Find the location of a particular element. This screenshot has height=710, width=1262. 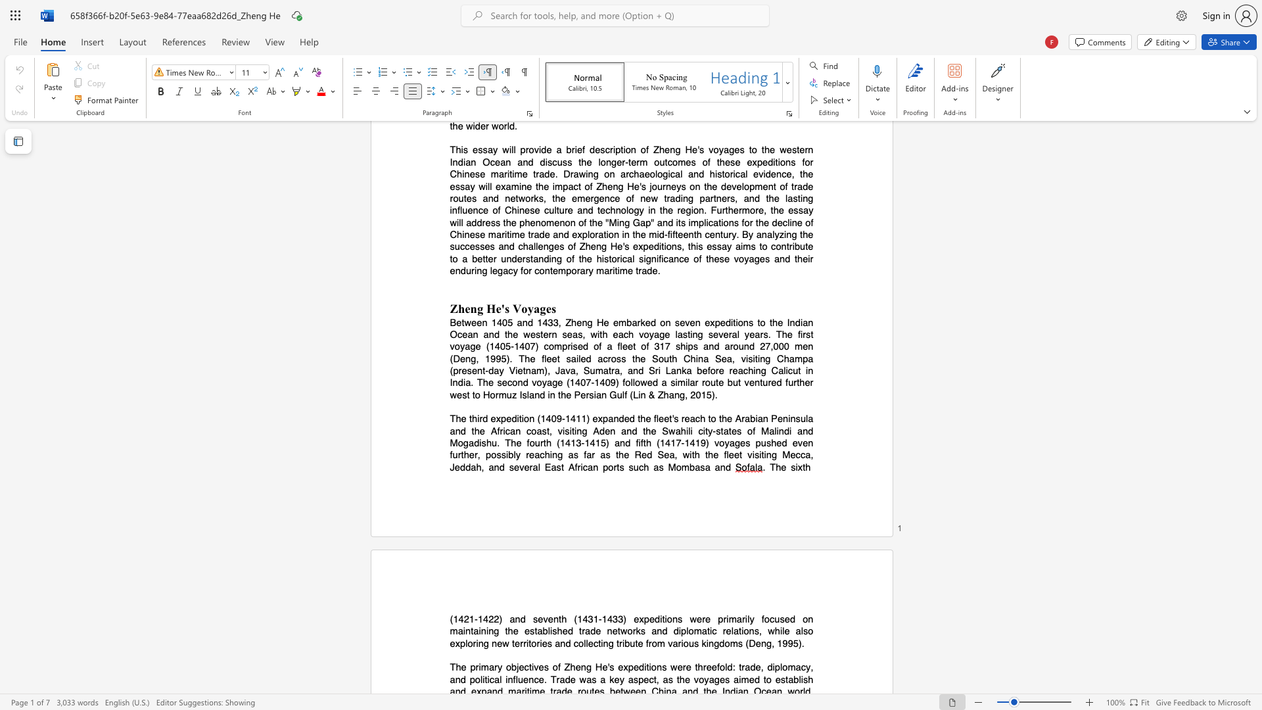

the space between the continuous character "c" and "u" in the text is located at coordinates (774, 619).